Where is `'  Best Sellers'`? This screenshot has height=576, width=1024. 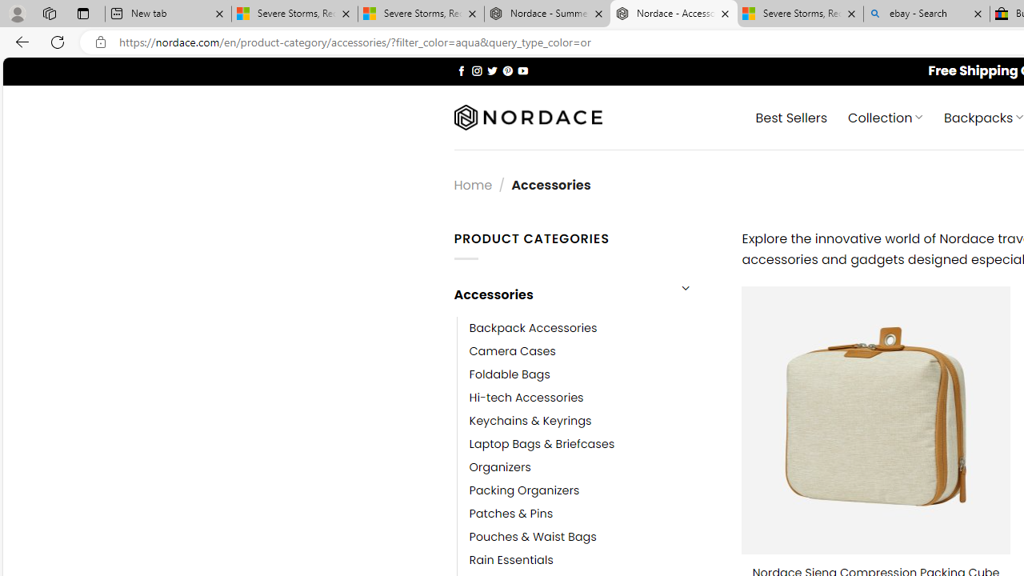
'  Best Sellers' is located at coordinates (792, 116).